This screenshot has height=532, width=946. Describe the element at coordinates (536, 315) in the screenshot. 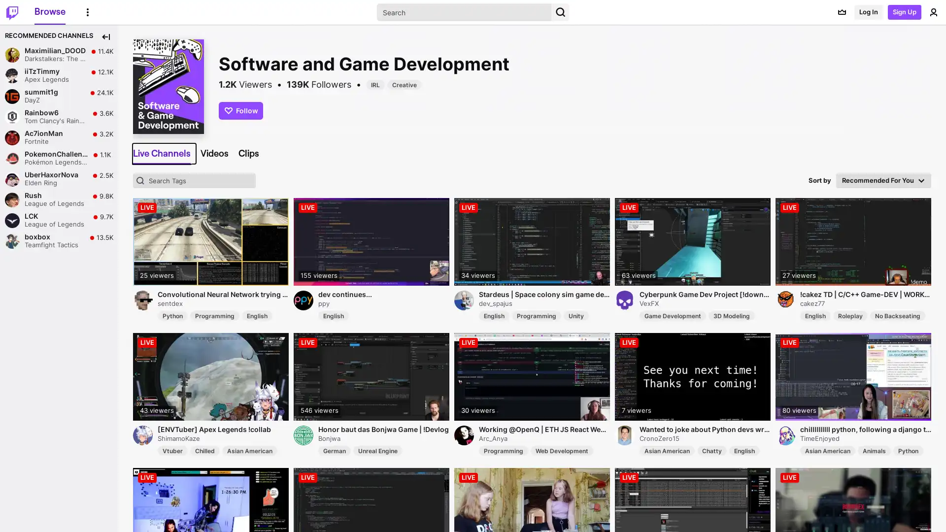

I see `Programming` at that location.